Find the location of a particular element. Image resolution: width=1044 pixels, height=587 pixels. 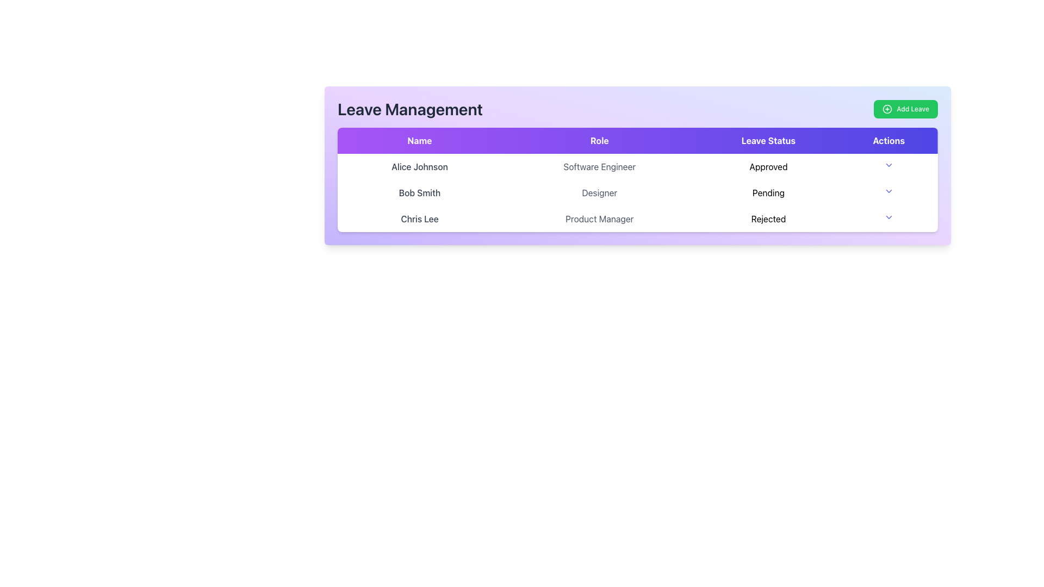

the text element displaying 'Role', which is centrally aligned in white bold text on a purple background, located in the header section above the table is located at coordinates (599, 140).